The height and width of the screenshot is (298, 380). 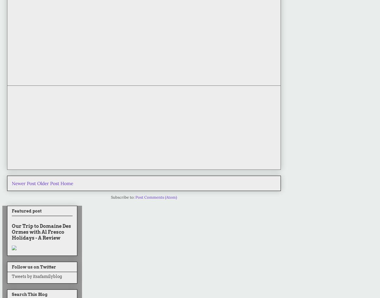 I want to click on 'Tweets by itsafamilyblog', so click(x=37, y=276).